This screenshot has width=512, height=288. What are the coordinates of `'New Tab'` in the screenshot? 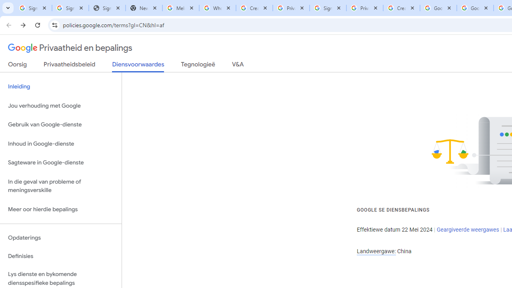 It's located at (144, 8).